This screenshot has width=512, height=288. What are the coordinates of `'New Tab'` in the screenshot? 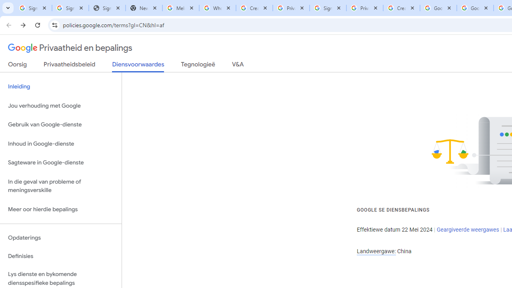 It's located at (144, 8).